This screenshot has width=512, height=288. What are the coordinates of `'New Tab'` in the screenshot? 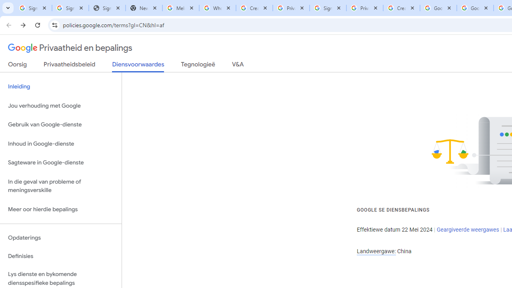 It's located at (144, 8).